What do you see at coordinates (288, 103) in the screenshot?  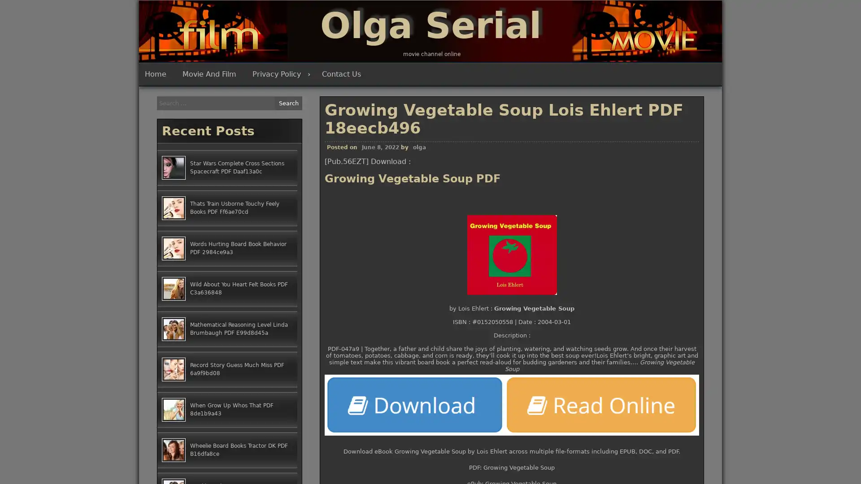 I see `Search` at bounding box center [288, 103].